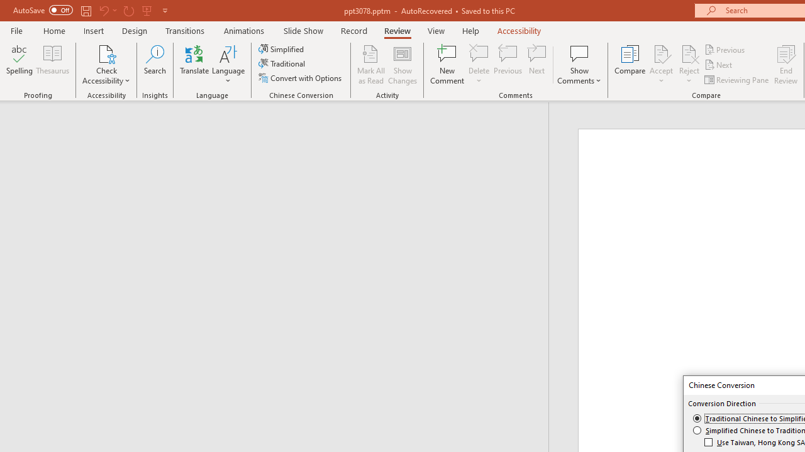  What do you see at coordinates (282, 63) in the screenshot?
I see `'Traditional'` at bounding box center [282, 63].